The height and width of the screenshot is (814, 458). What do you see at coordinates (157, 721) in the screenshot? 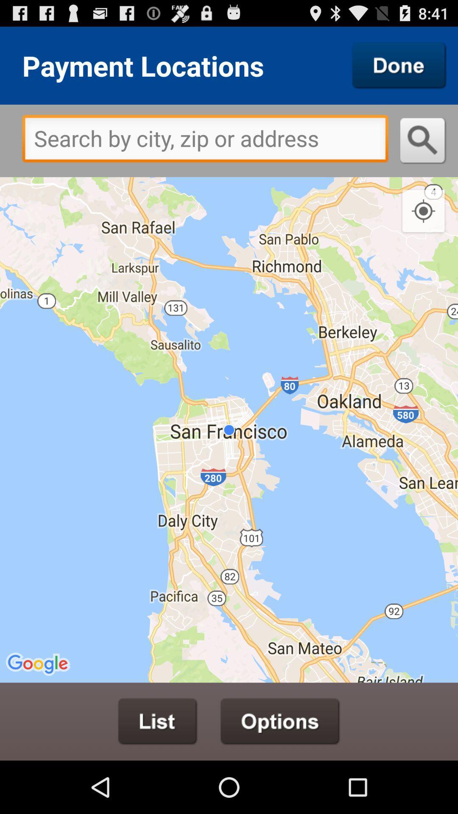
I see `see a list of places` at bounding box center [157, 721].